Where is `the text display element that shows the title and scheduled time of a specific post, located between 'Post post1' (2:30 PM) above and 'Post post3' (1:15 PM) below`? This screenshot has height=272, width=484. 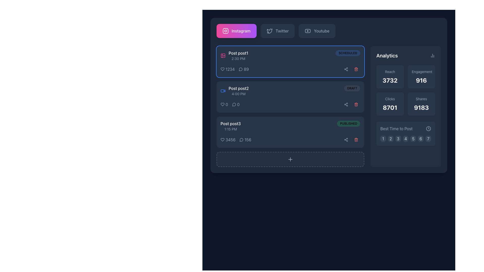 the text display element that shows the title and scheduled time of a specific post, located between 'Post post1' (2:30 PM) above and 'Post post3' (1:15 PM) below is located at coordinates (238, 91).